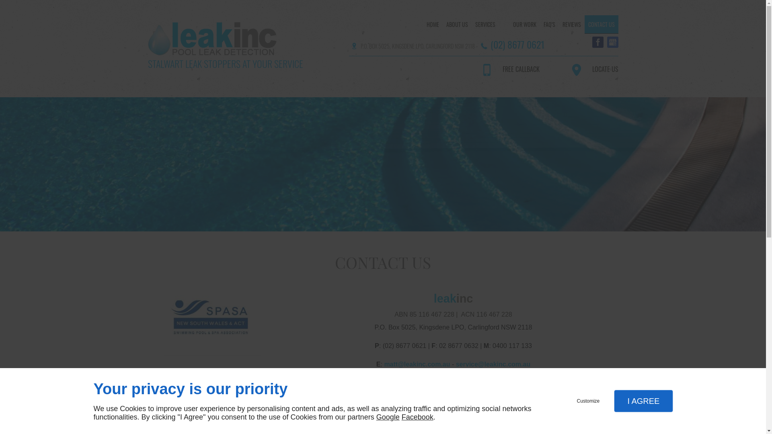 The width and height of the screenshot is (772, 434). I want to click on 'OUR WORK', so click(524, 24).